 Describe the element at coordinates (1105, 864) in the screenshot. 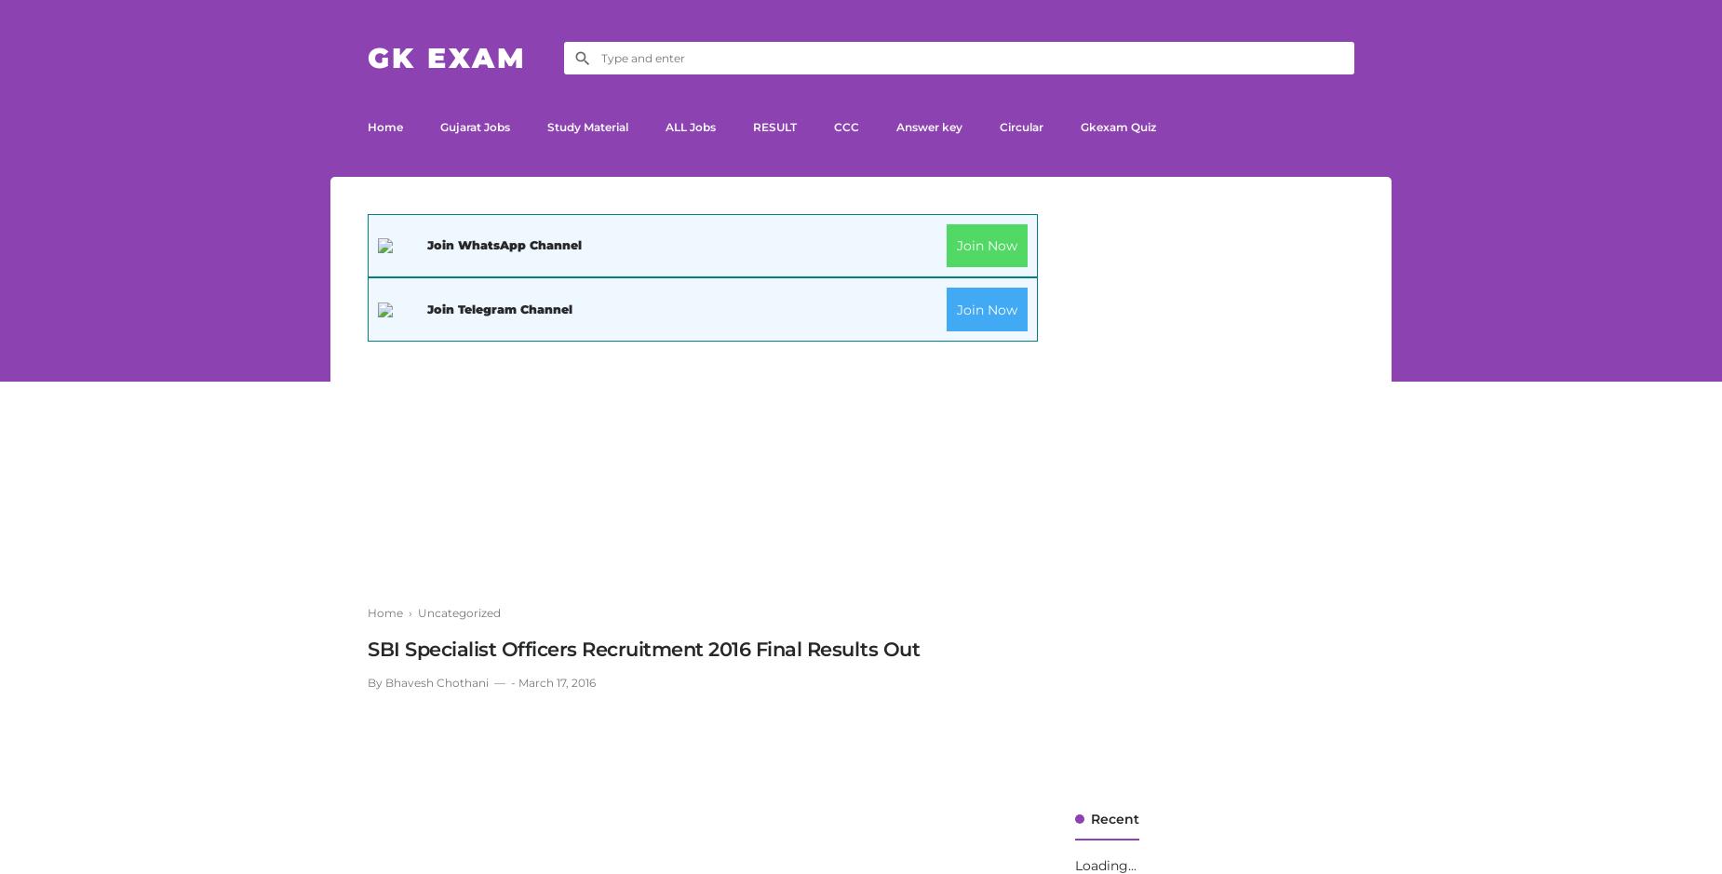

I see `'Loading...'` at that location.